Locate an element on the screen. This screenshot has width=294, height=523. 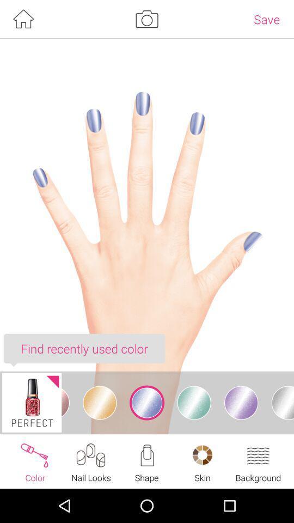
save app is located at coordinates (266, 19).